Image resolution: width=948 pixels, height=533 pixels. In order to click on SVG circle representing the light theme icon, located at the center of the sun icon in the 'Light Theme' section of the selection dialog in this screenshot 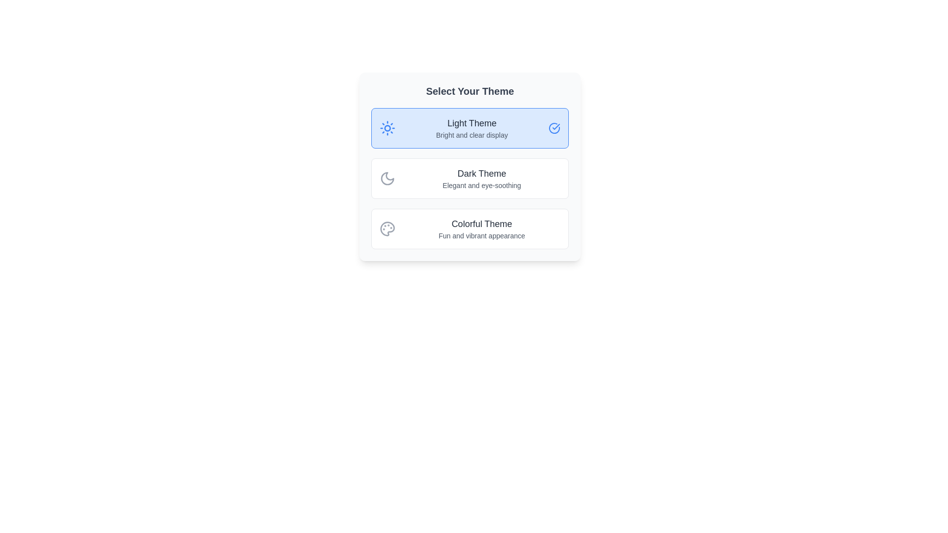, I will do `click(387, 127)`.